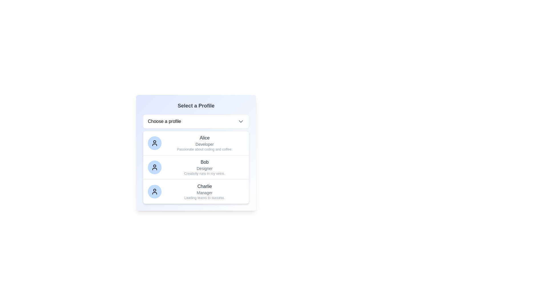 Image resolution: width=548 pixels, height=308 pixels. What do you see at coordinates (164, 121) in the screenshot?
I see `the text label reading 'Choose a profile' located on the left side of the dropdown menu header, adjacent to the chevron down icon` at bounding box center [164, 121].